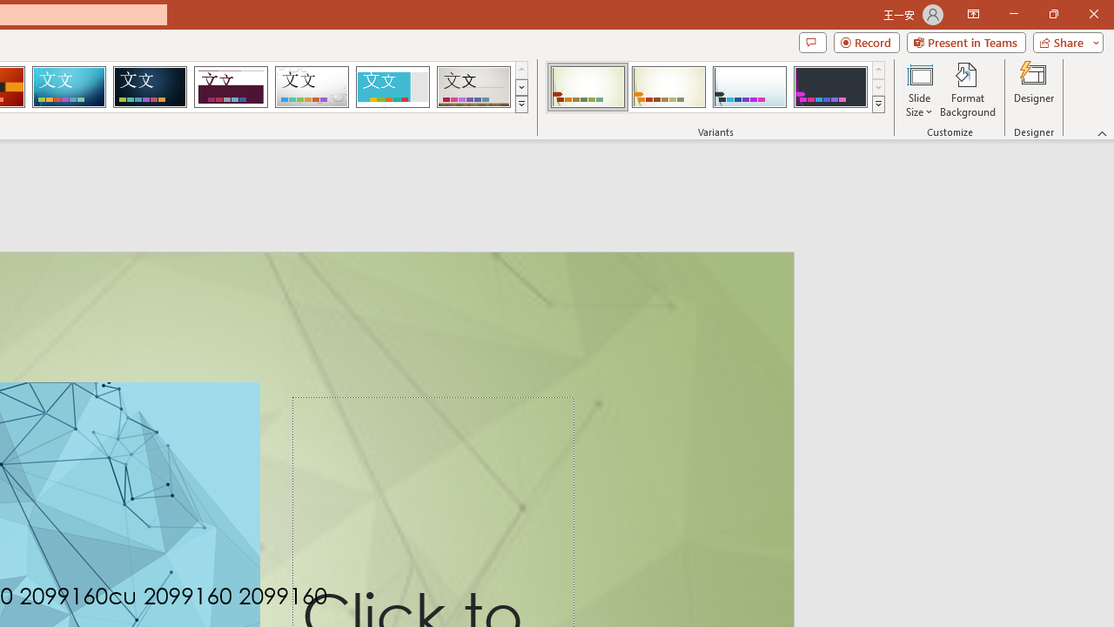  What do you see at coordinates (69, 87) in the screenshot?
I see `'Circuit'` at bounding box center [69, 87].